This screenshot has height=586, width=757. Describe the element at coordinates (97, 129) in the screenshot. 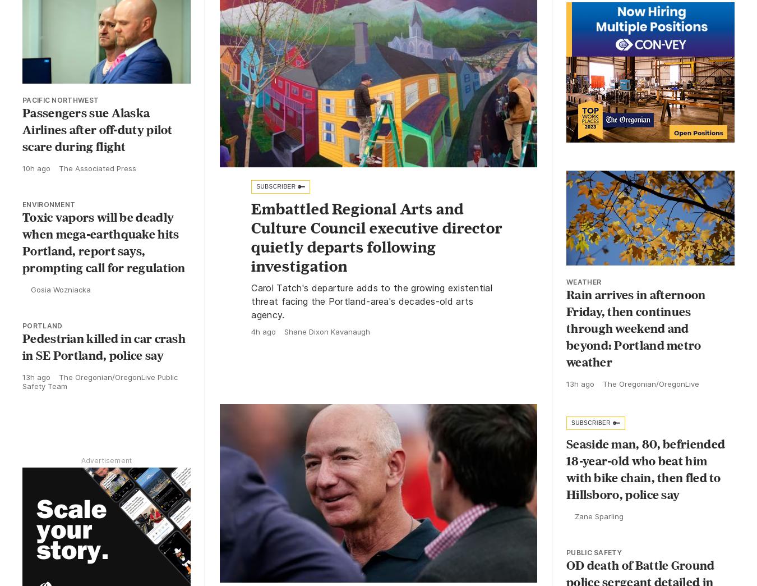

I see `'Passengers sue Alaska Airlines after off-duty pilot scare during flight'` at that location.